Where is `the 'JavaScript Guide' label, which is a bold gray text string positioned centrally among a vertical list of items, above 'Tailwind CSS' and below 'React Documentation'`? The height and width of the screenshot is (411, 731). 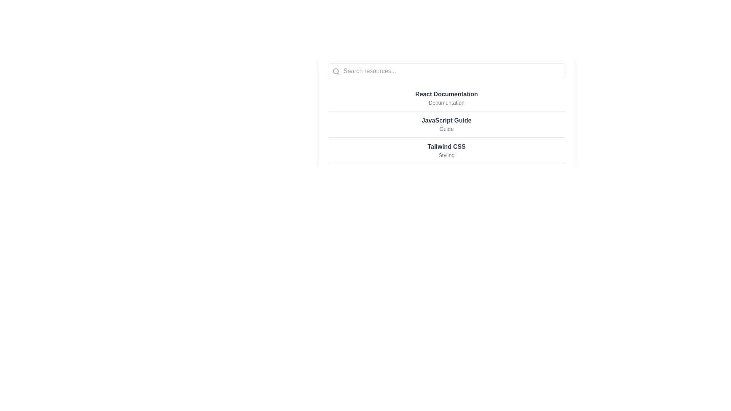
the 'JavaScript Guide' label, which is a bold gray text string positioned centrally among a vertical list of items, above 'Tailwind CSS' and below 'React Documentation' is located at coordinates (446, 120).